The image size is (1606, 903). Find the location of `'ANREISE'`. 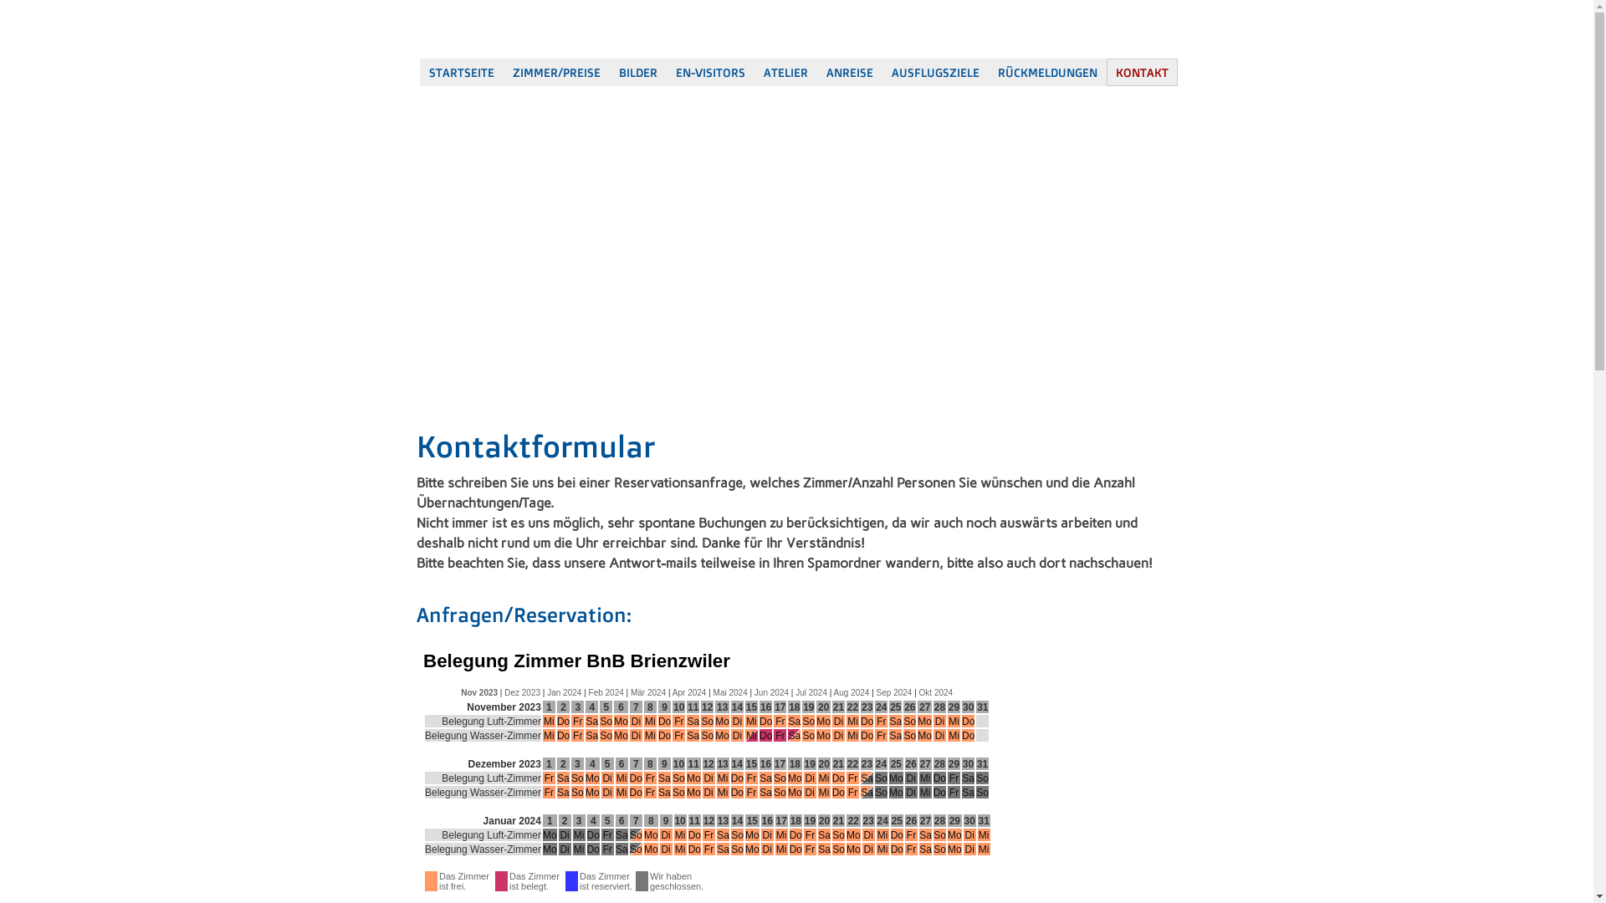

'ANREISE' is located at coordinates (848, 71).